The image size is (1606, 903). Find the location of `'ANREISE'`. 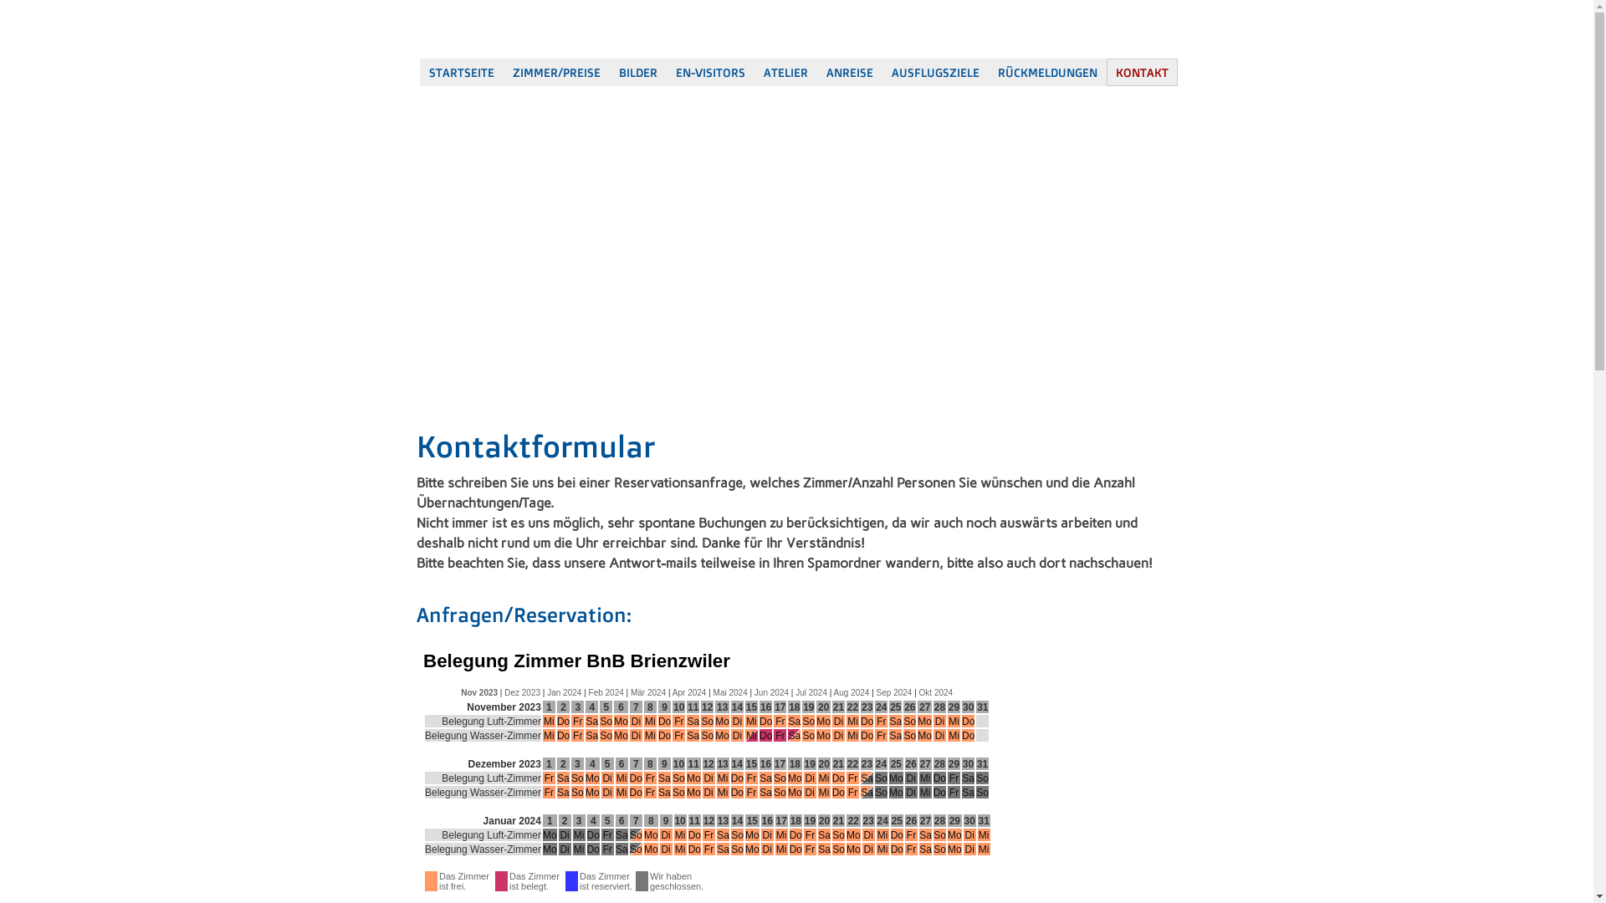

'ANREISE' is located at coordinates (848, 71).